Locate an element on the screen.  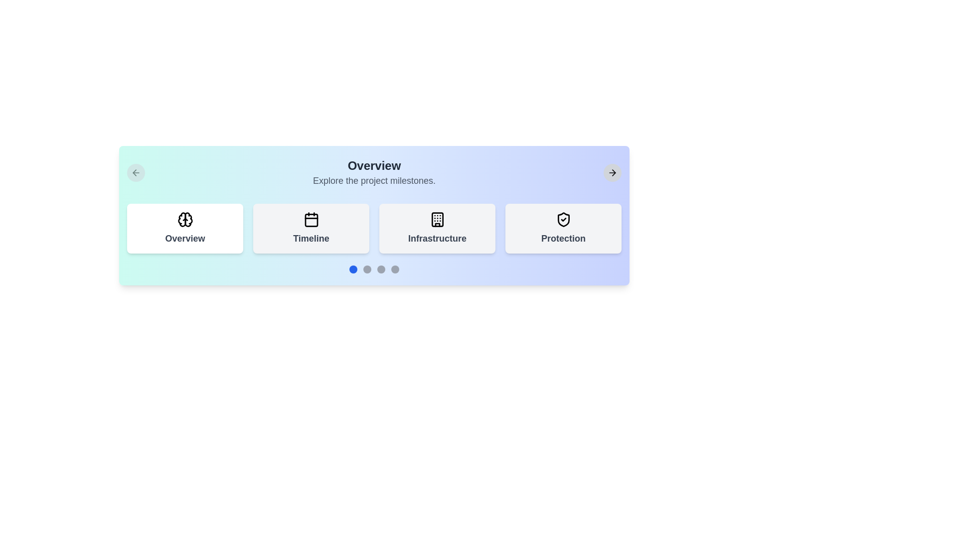
the circular button with a light gray background and leftward-pointing arrow icon is located at coordinates (136, 172).